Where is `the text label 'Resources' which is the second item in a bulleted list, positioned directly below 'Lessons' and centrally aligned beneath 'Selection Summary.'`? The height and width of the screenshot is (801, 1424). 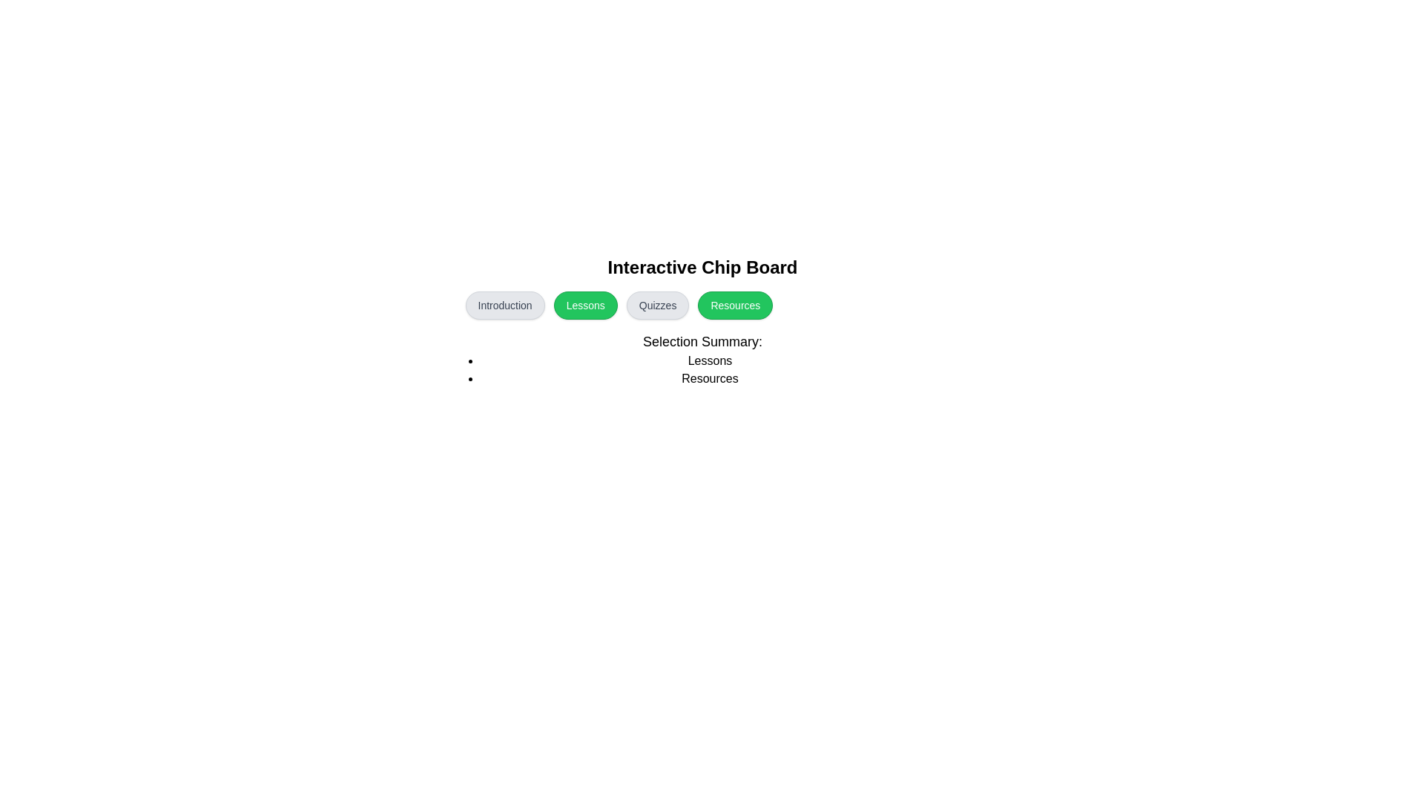 the text label 'Resources' which is the second item in a bulleted list, positioned directly below 'Lessons' and centrally aligned beneath 'Selection Summary.' is located at coordinates (709, 378).